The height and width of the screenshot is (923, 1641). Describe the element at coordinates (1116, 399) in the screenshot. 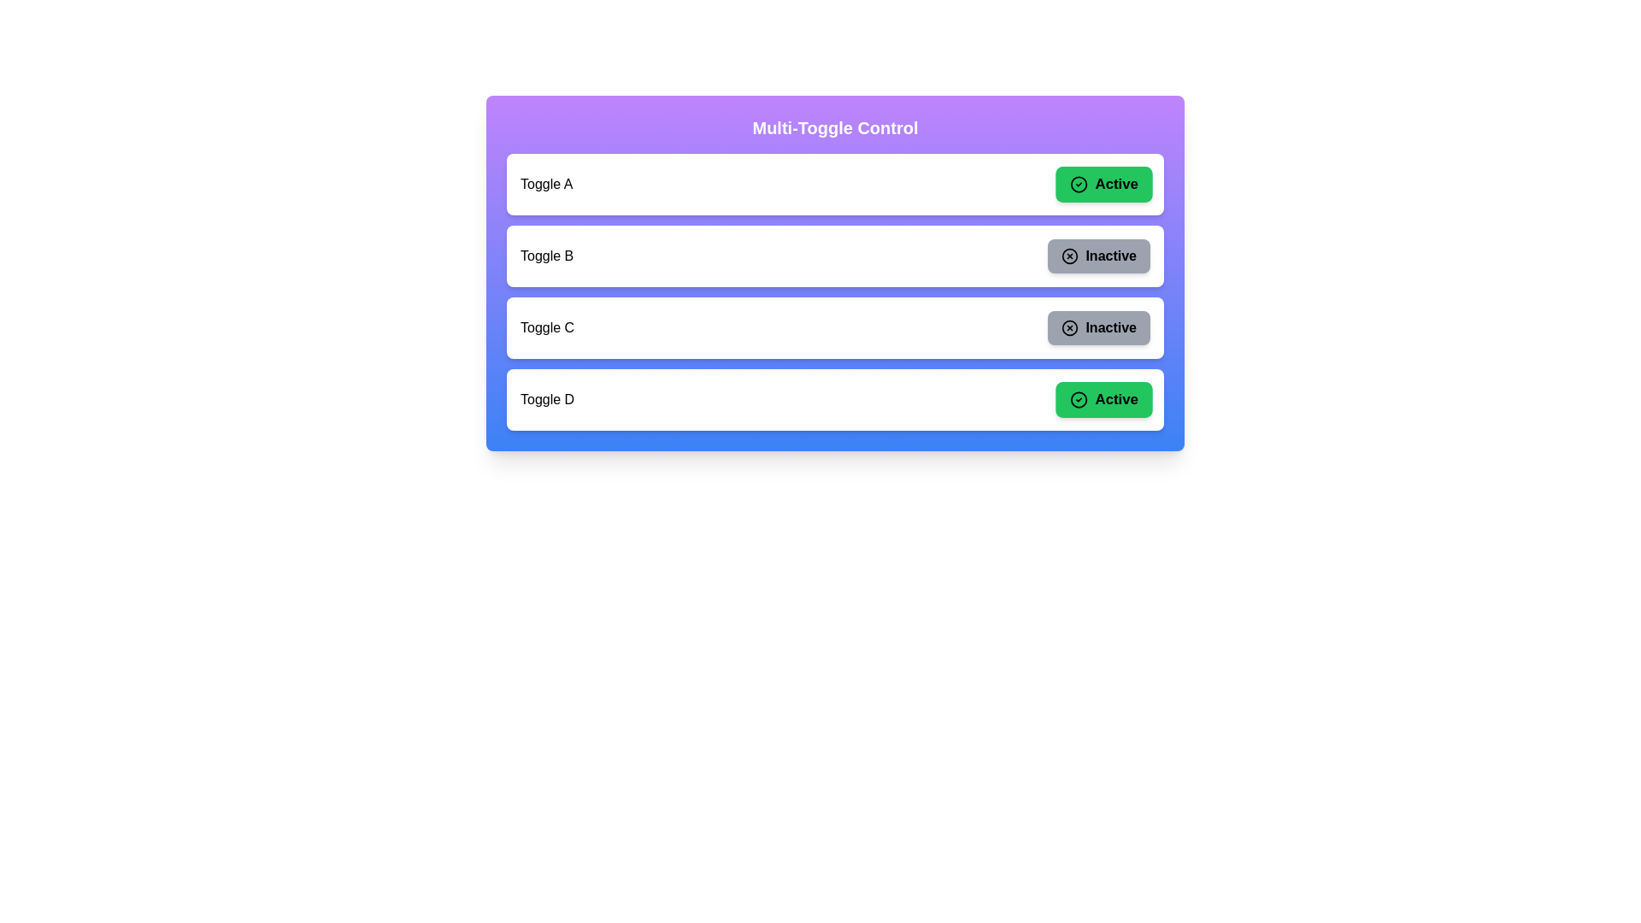

I see `the bold text label 'Active' located on the bright green button, which is the fourth button from the top in the vertical toggle control interface` at that location.